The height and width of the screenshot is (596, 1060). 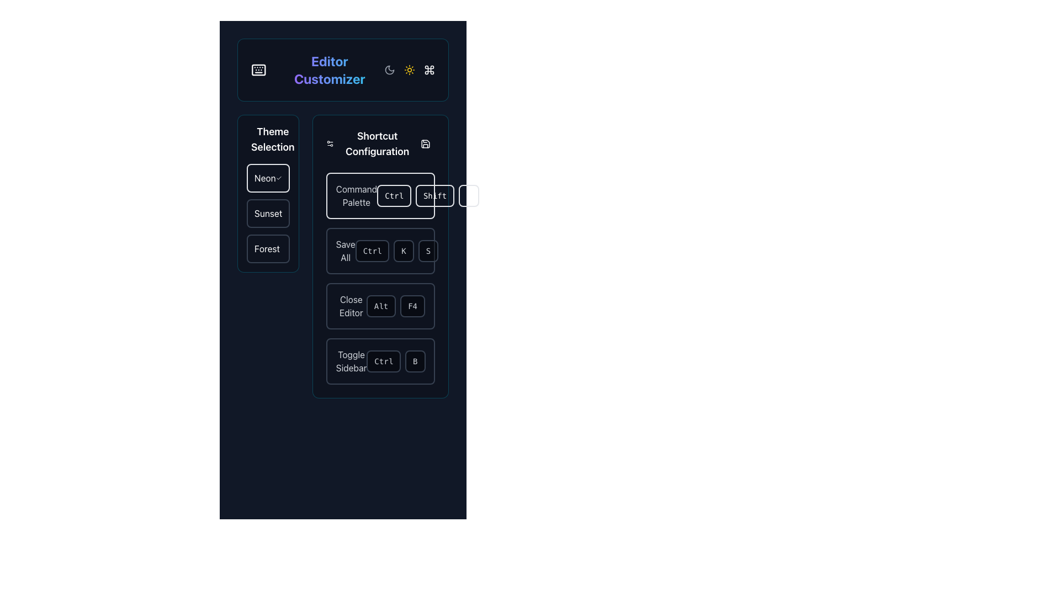 I want to click on the text label indicating the shortcut combination 'Ctrl + K + S' for the 'Save All' functionality, located in the second row of the 'Shortcut Configuration' section, so click(x=345, y=251).